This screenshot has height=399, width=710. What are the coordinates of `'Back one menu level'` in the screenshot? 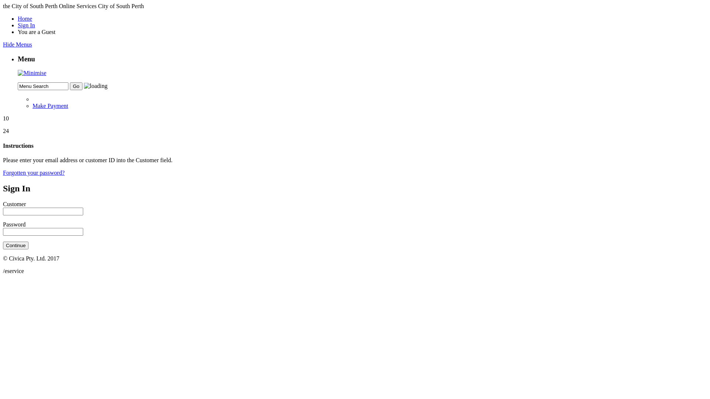 It's located at (369, 99).